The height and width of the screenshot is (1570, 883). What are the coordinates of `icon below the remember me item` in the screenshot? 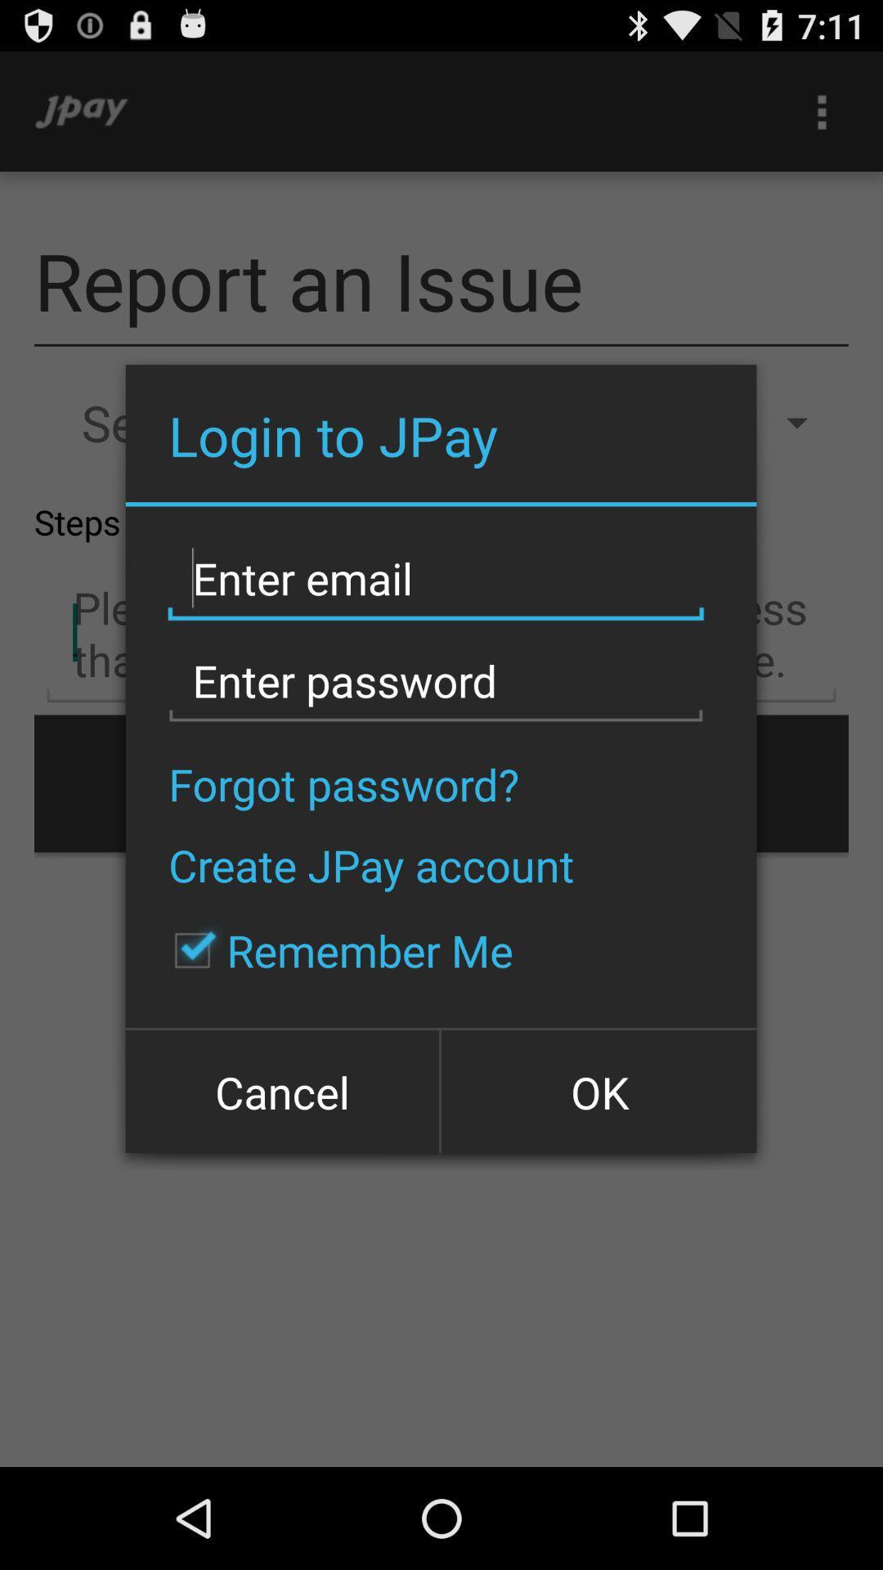 It's located at (598, 1090).